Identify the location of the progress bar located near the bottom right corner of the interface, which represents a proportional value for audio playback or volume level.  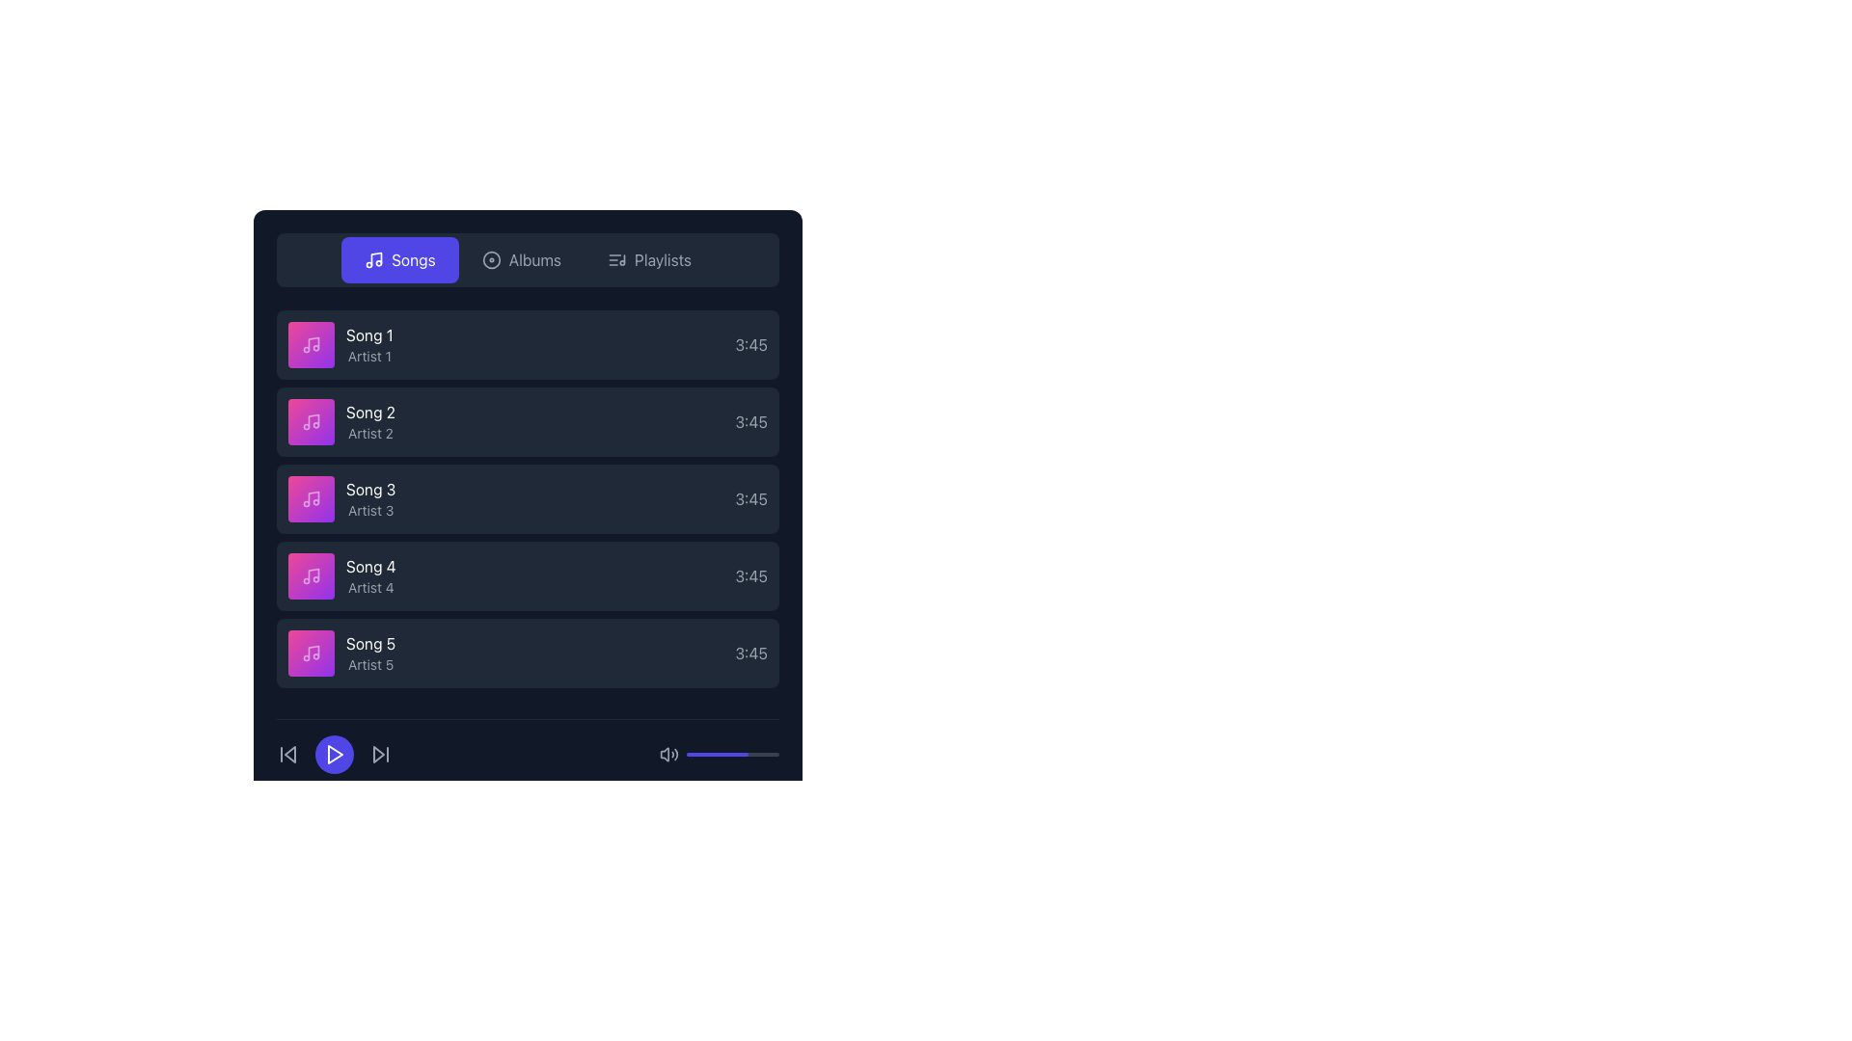
(717, 754).